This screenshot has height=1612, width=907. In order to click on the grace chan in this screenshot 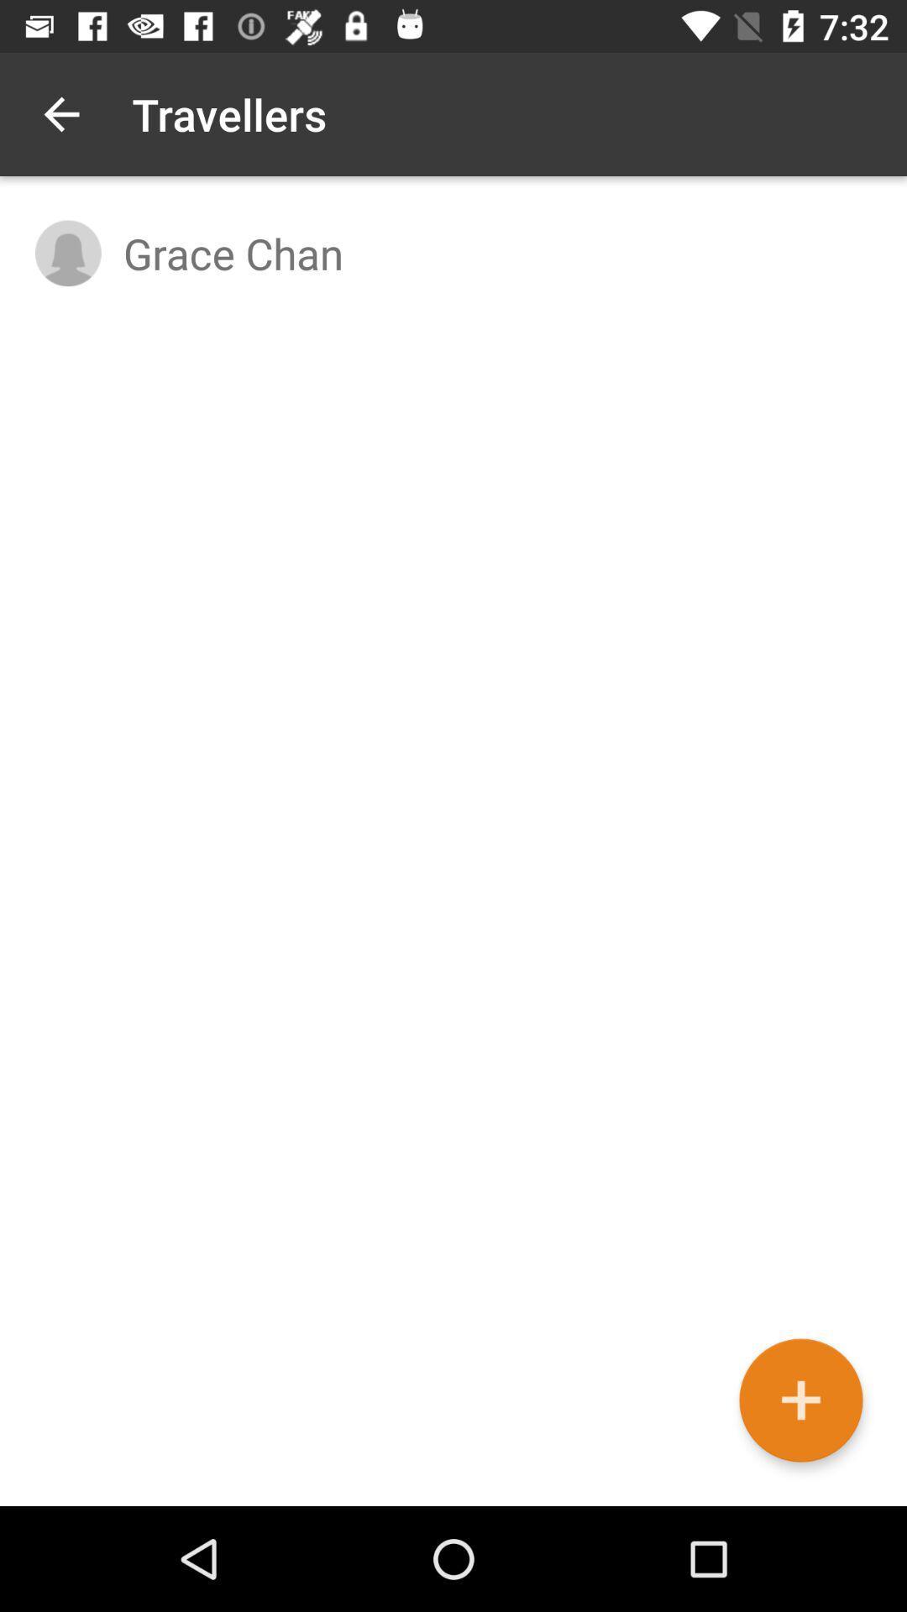, I will do `click(496, 252)`.